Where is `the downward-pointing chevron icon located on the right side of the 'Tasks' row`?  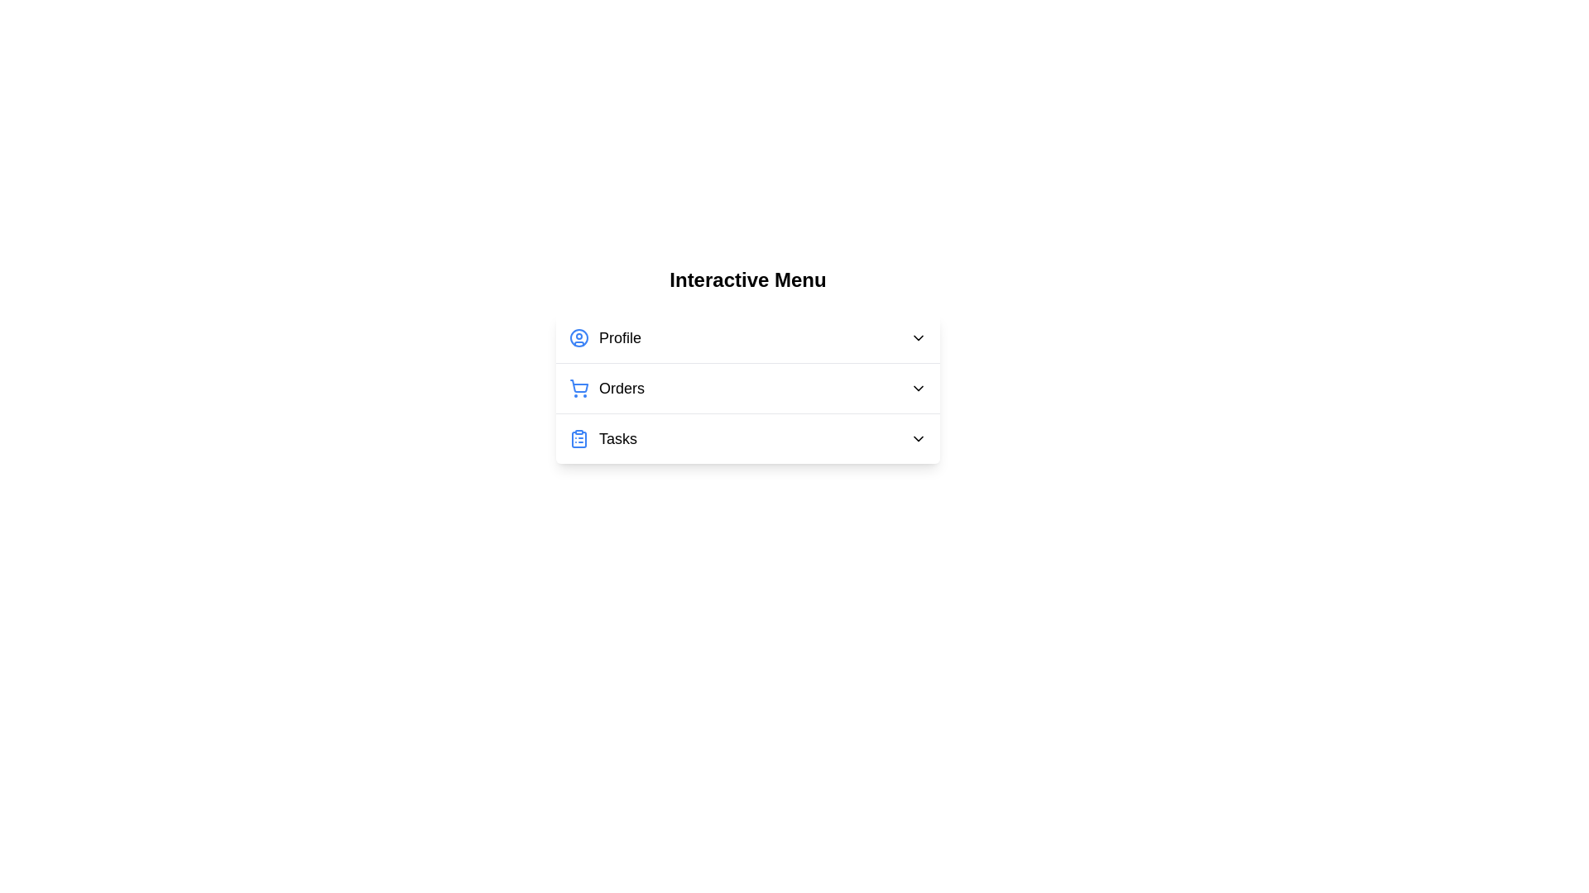 the downward-pointing chevron icon located on the right side of the 'Tasks' row is located at coordinates (917, 438).